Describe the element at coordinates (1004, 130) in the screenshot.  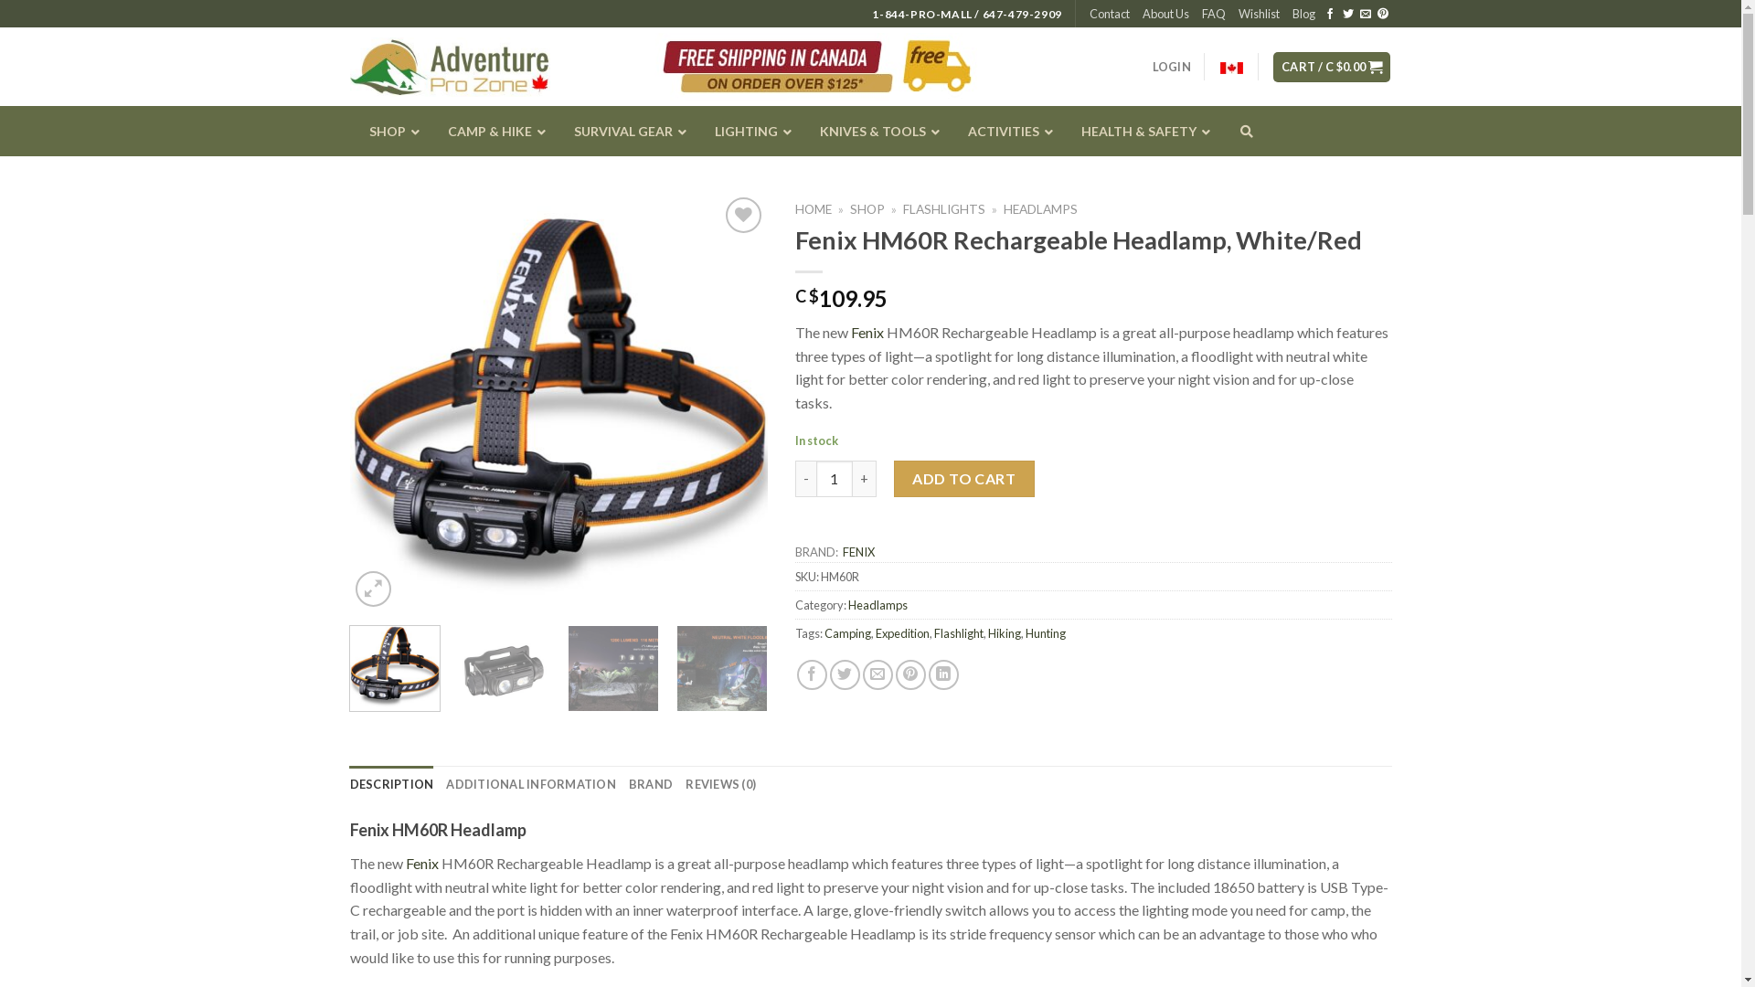
I see `'ACTIVITIES'` at that location.